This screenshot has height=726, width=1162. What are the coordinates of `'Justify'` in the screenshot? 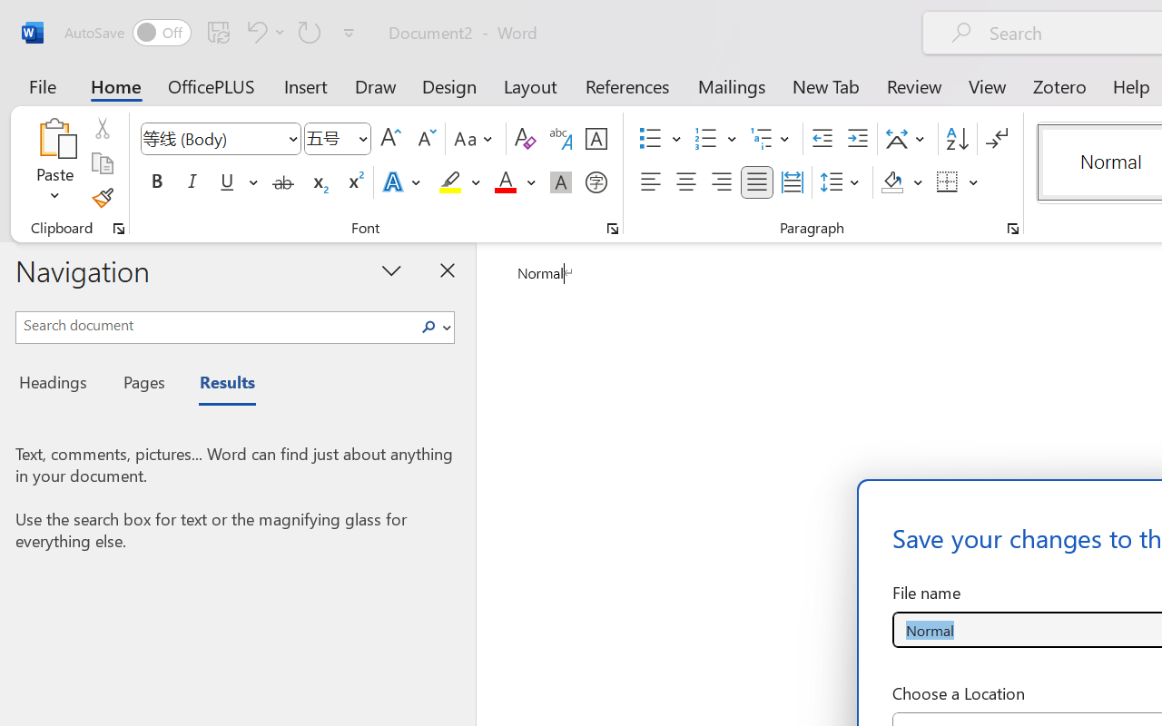 It's located at (757, 182).